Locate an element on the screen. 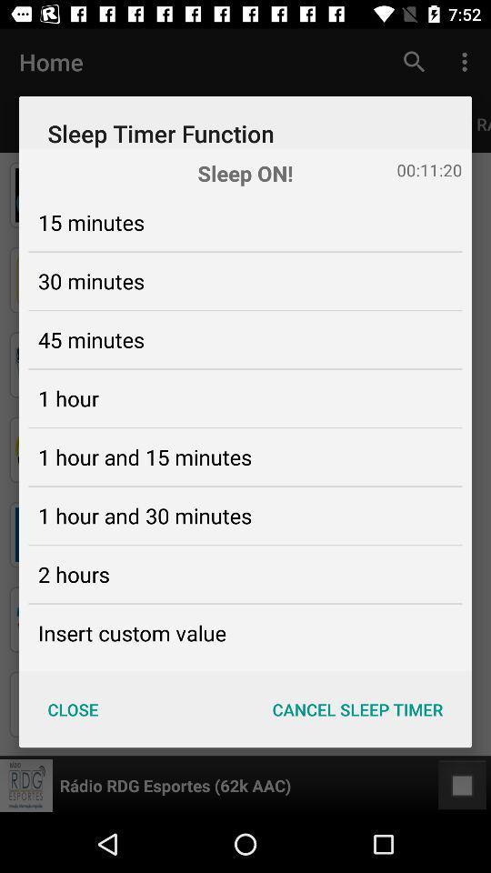 The height and width of the screenshot is (873, 491). the insert custom value icon is located at coordinates (131, 633).